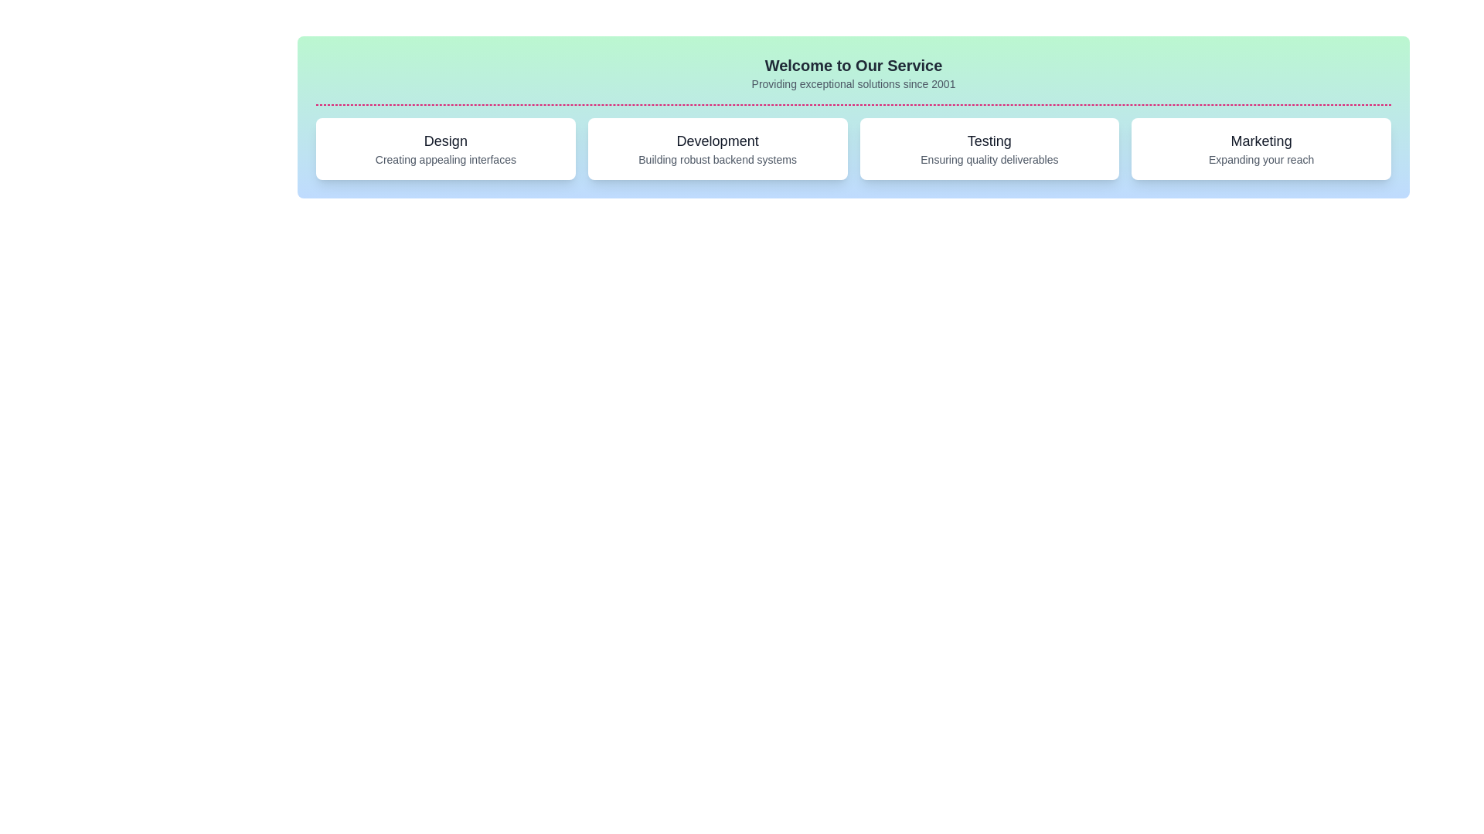 The width and height of the screenshot is (1484, 834). Describe the element at coordinates (989, 141) in the screenshot. I see `the Text label (heading) located at the top of the third card from the left, which summarizes the card's focus area and is above the text 'Ensuring quality deliverables'` at that location.